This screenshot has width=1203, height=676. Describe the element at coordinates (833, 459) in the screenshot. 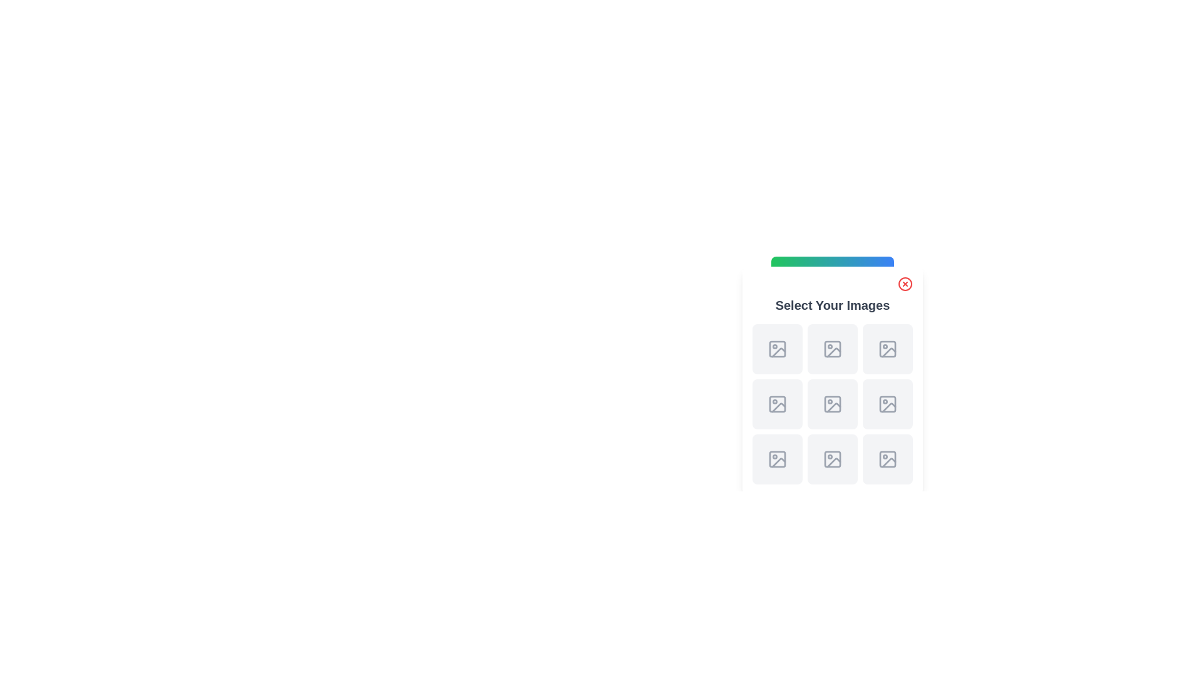

I see `the image upload Icon Button located in the last row and middle column of the grid` at that location.